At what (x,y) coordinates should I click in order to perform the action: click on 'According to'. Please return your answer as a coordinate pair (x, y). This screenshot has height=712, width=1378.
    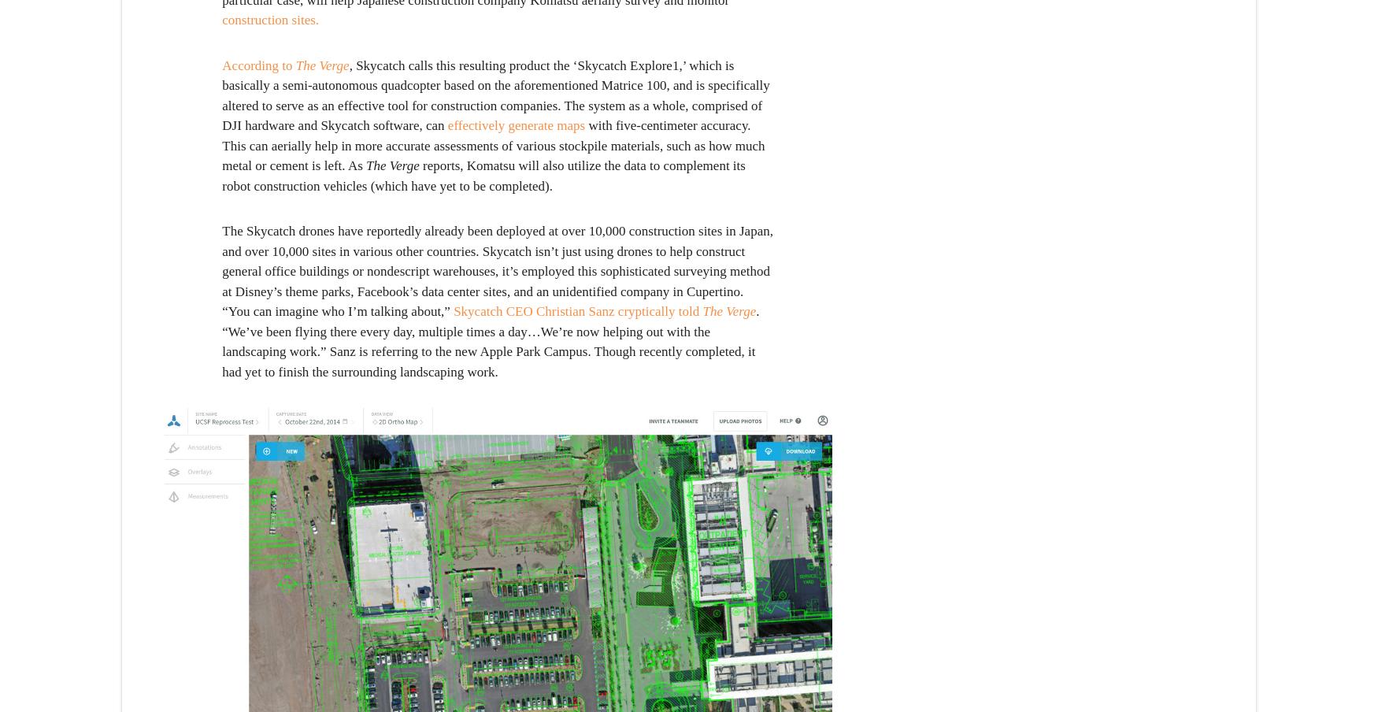
    Looking at the image, I should click on (258, 65).